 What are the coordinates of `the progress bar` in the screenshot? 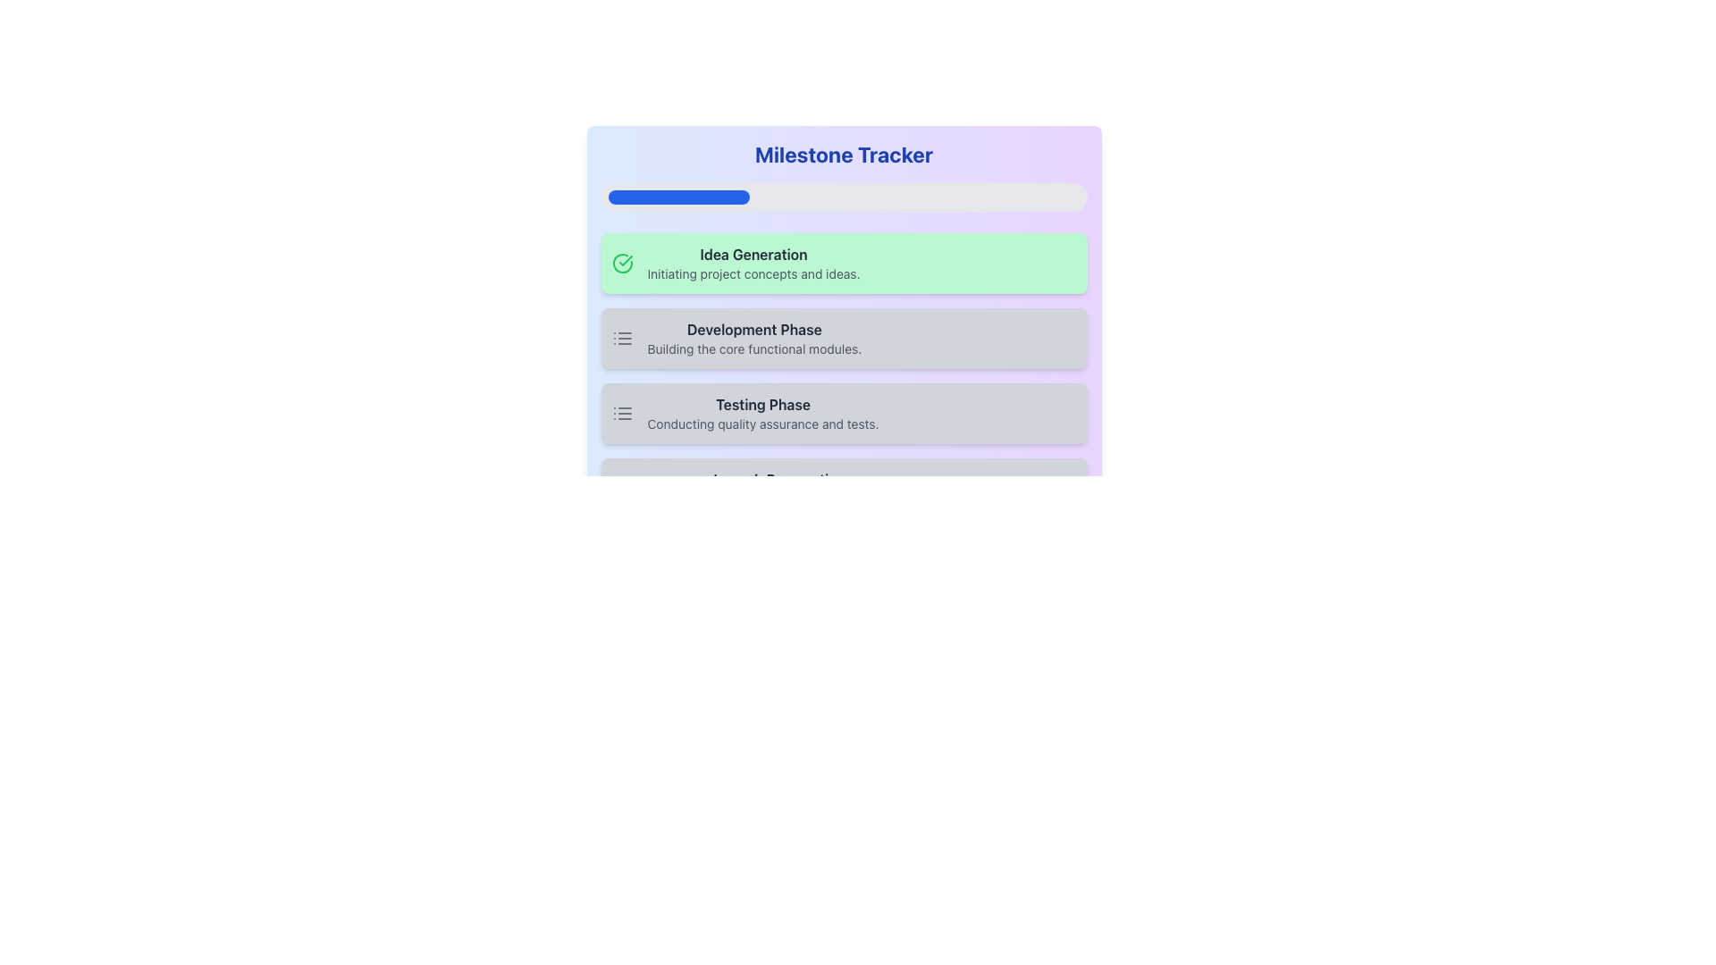 It's located at (727, 197).